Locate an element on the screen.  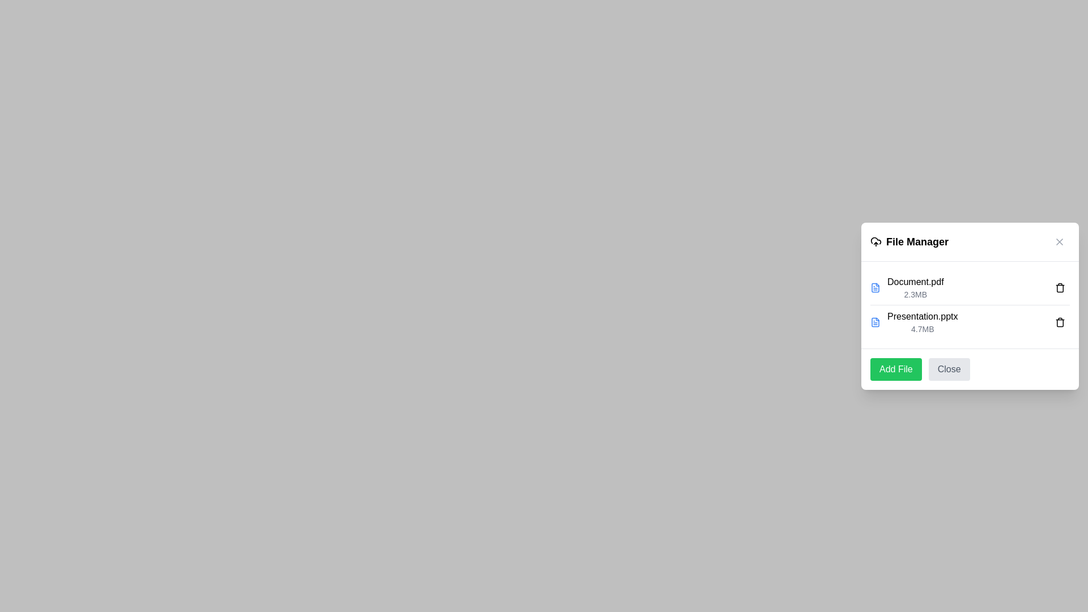
the Trashcan icon located to the right of the file row labeled 'Presentation.pptx' is located at coordinates (1060, 321).